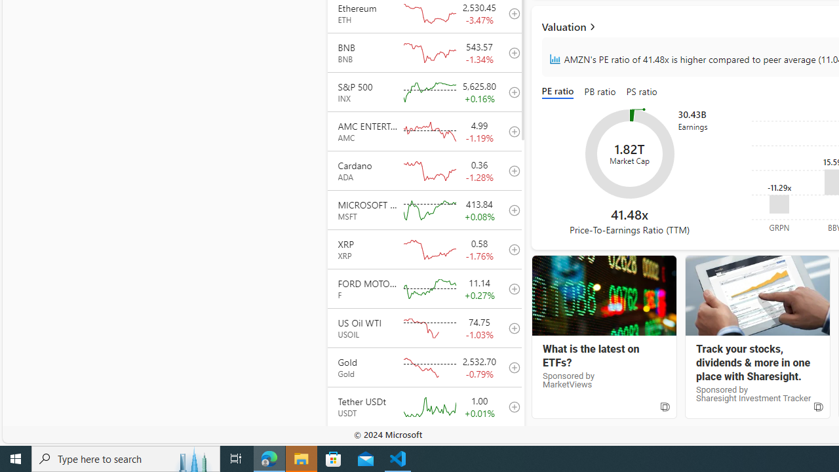 The height and width of the screenshot is (472, 839). I want to click on 'PB ratio', so click(599, 92).